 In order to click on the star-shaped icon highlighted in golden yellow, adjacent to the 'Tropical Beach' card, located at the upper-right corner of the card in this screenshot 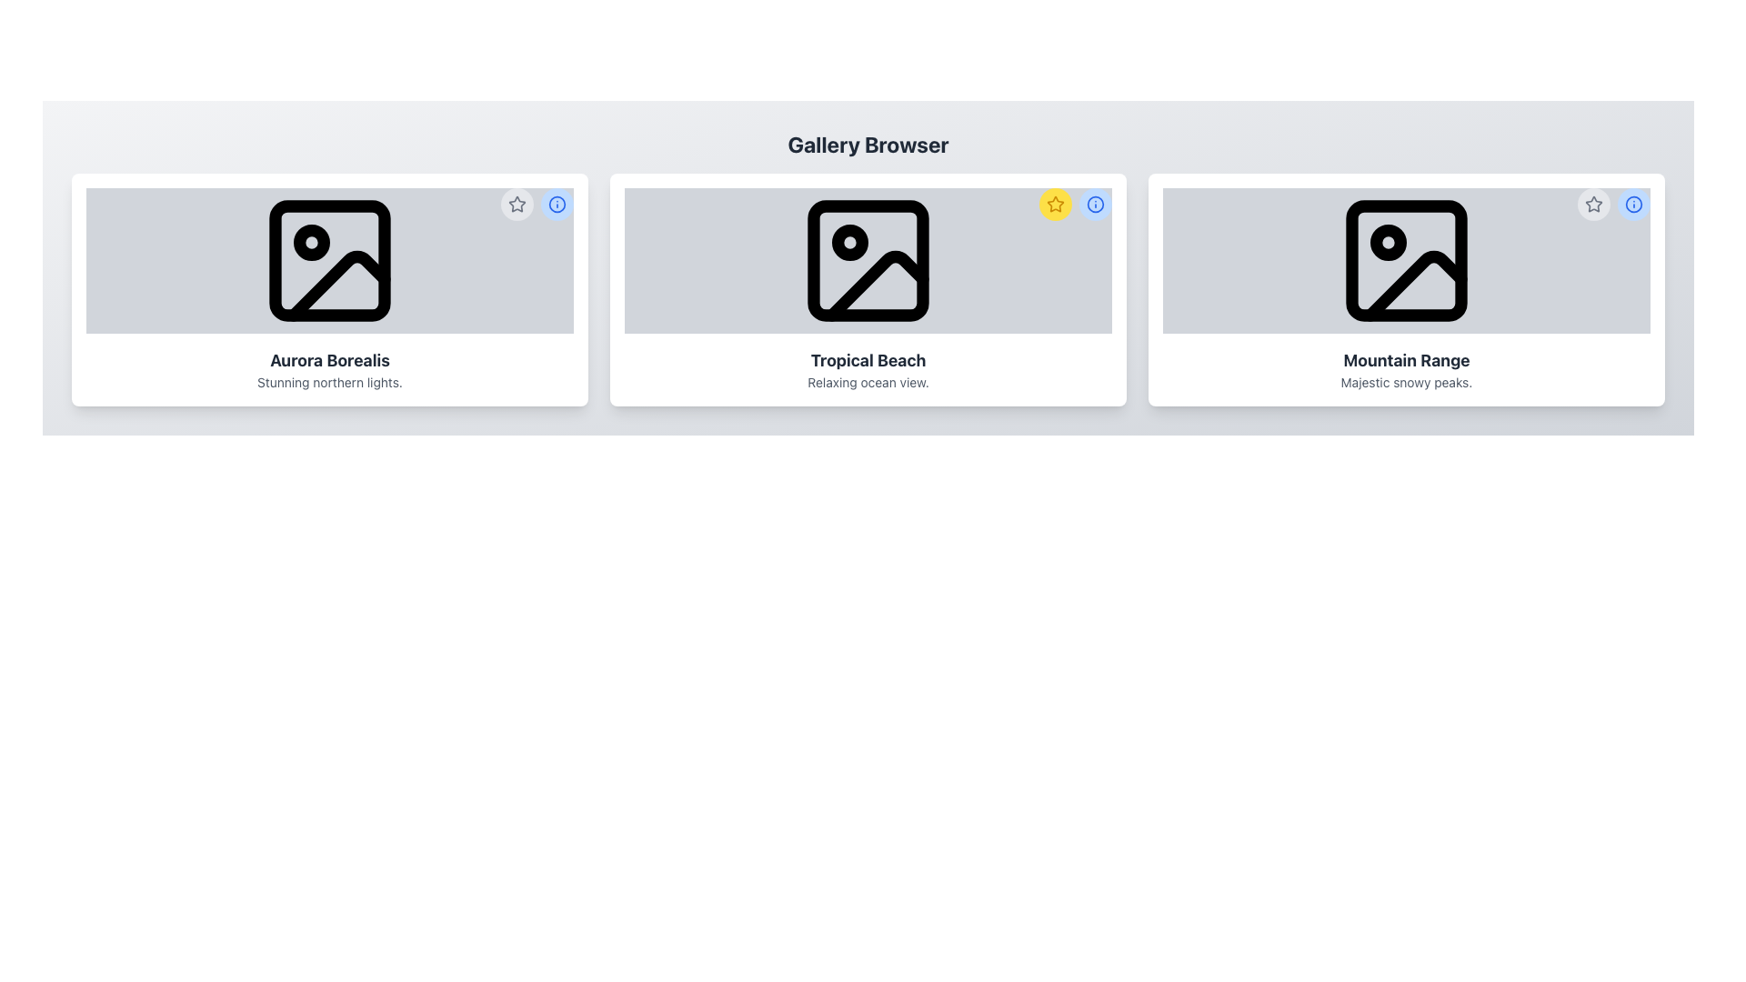, I will do `click(1055, 203)`.